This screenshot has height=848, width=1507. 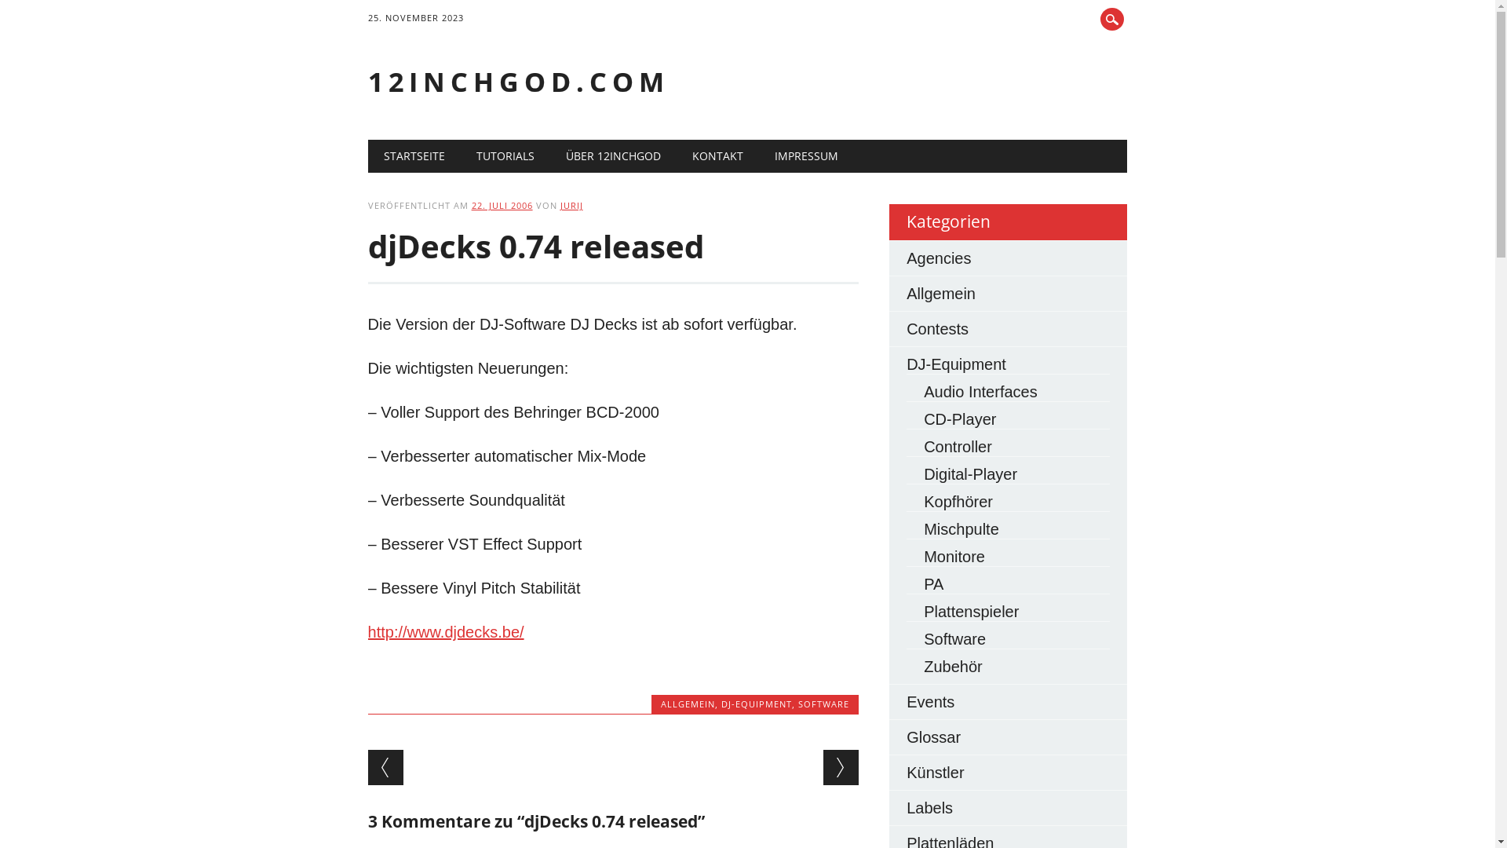 I want to click on 'TUTORIALS', so click(x=505, y=156).